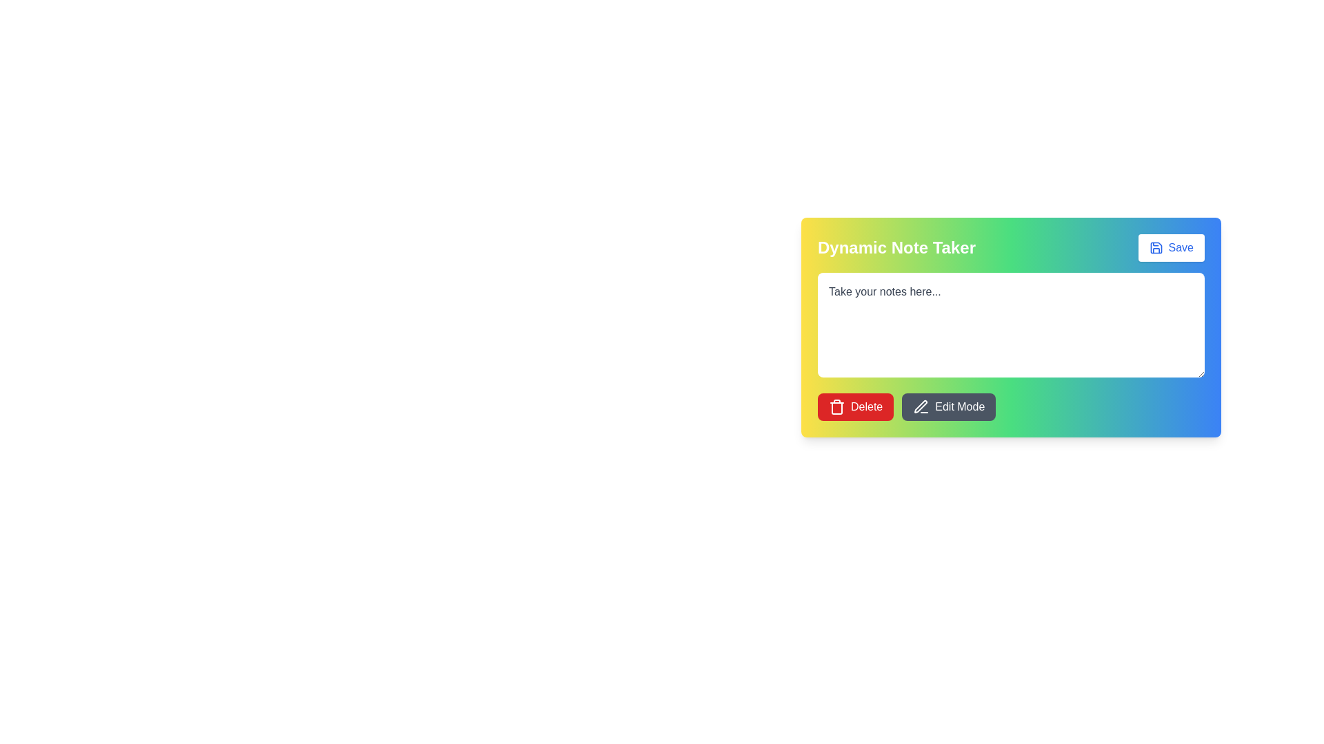 The width and height of the screenshot is (1324, 744). I want to click on the 'Edit Mode' text label, so click(959, 406).